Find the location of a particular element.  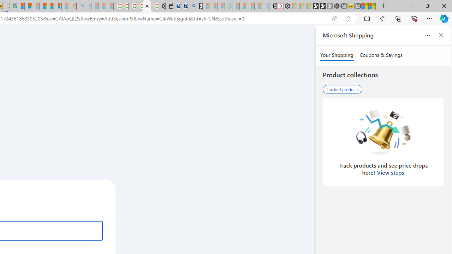

'Wallet' is located at coordinates (168, 6).